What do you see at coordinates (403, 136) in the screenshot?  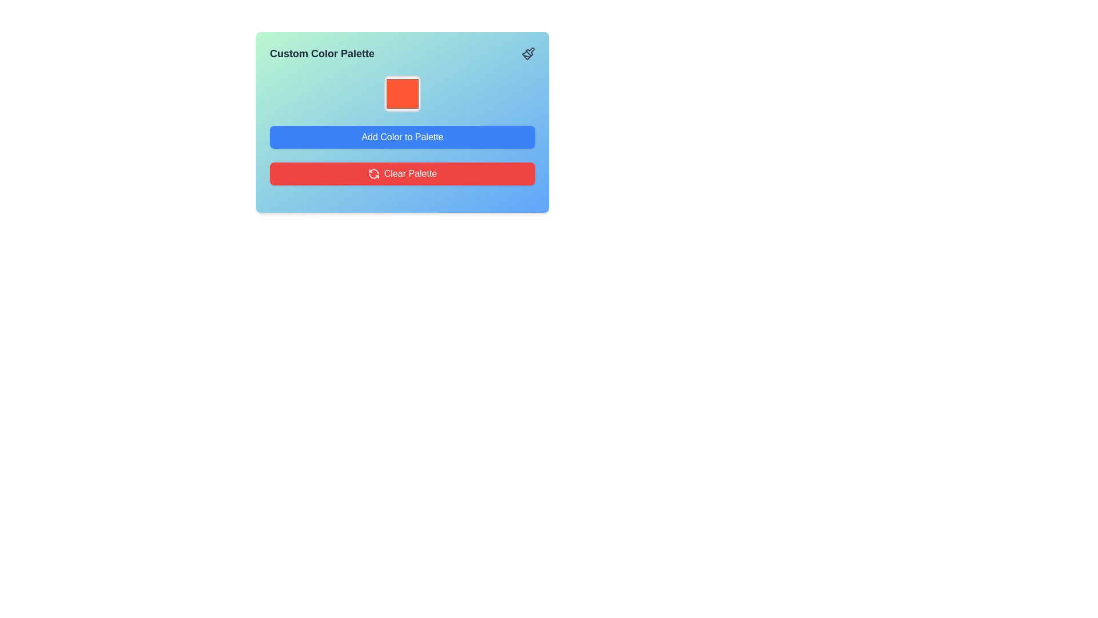 I see `the button with a blue background and the text 'Add Color to Palette' to experience the hover effect` at bounding box center [403, 136].